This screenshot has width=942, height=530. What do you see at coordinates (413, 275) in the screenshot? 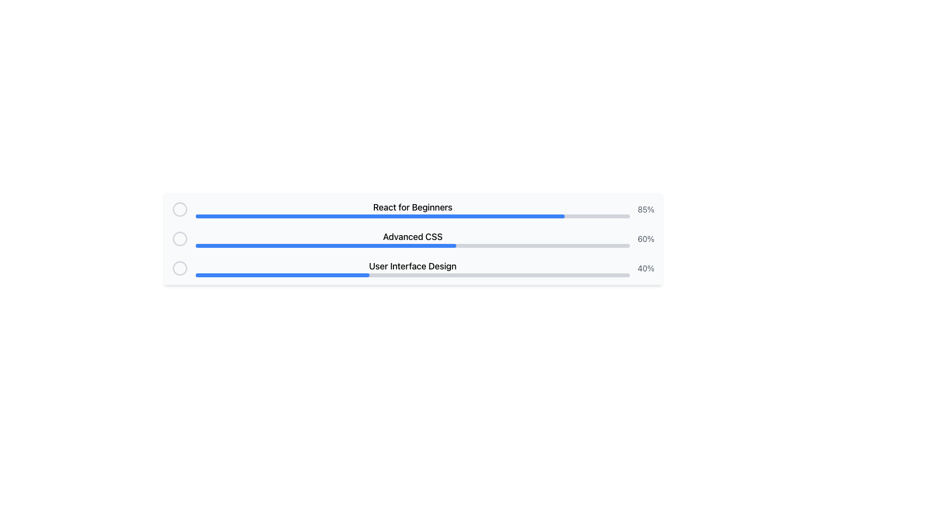
I see `the Progress bar located in the third progress section under the label 'User Interface Design', which visually represents the progress of a task` at bounding box center [413, 275].